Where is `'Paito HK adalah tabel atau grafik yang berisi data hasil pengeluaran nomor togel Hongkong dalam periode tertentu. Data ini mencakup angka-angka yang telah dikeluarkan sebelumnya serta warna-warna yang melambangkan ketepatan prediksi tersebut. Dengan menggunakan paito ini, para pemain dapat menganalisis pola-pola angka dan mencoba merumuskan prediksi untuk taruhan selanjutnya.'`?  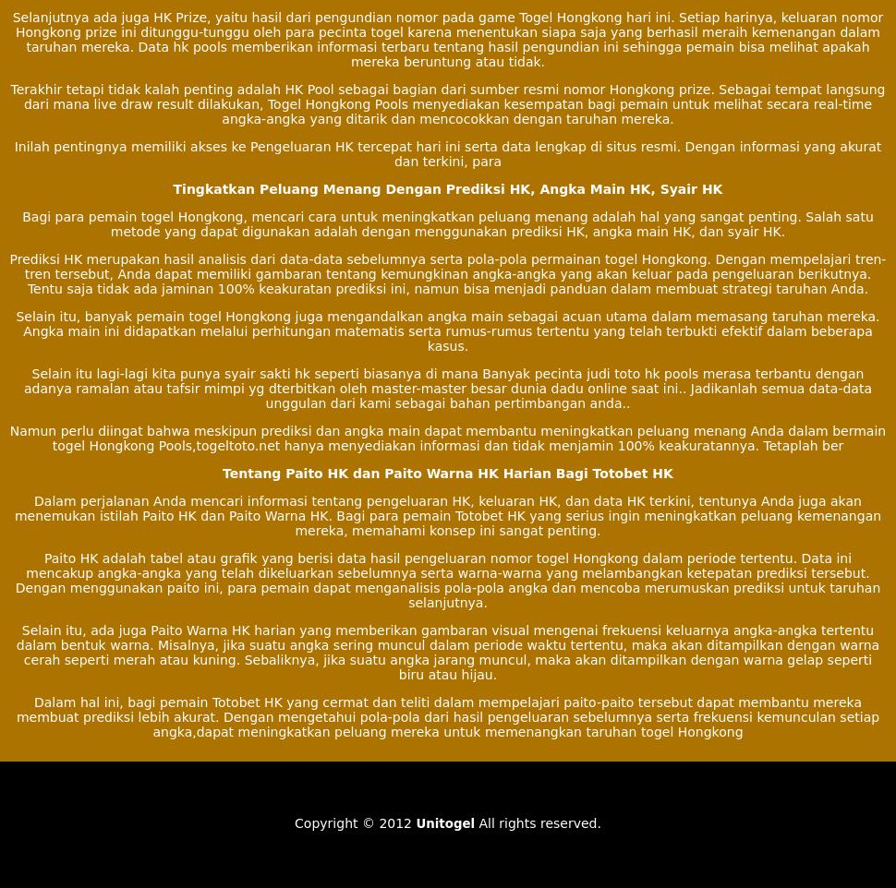
'Paito HK adalah tabel atau grafik yang berisi data hasil pengeluaran nomor togel Hongkong dalam periode tertentu. Data ini mencakup angka-angka yang telah dikeluarkan sebelumnya serta warna-warna yang melambangkan ketepatan prediksi tersebut. Dengan menggunakan paito ini, para pemain dapat menganalisis pola-pola angka dan mencoba merumuskan prediksi untuk taruhan selanjutnya.' is located at coordinates (446, 579).